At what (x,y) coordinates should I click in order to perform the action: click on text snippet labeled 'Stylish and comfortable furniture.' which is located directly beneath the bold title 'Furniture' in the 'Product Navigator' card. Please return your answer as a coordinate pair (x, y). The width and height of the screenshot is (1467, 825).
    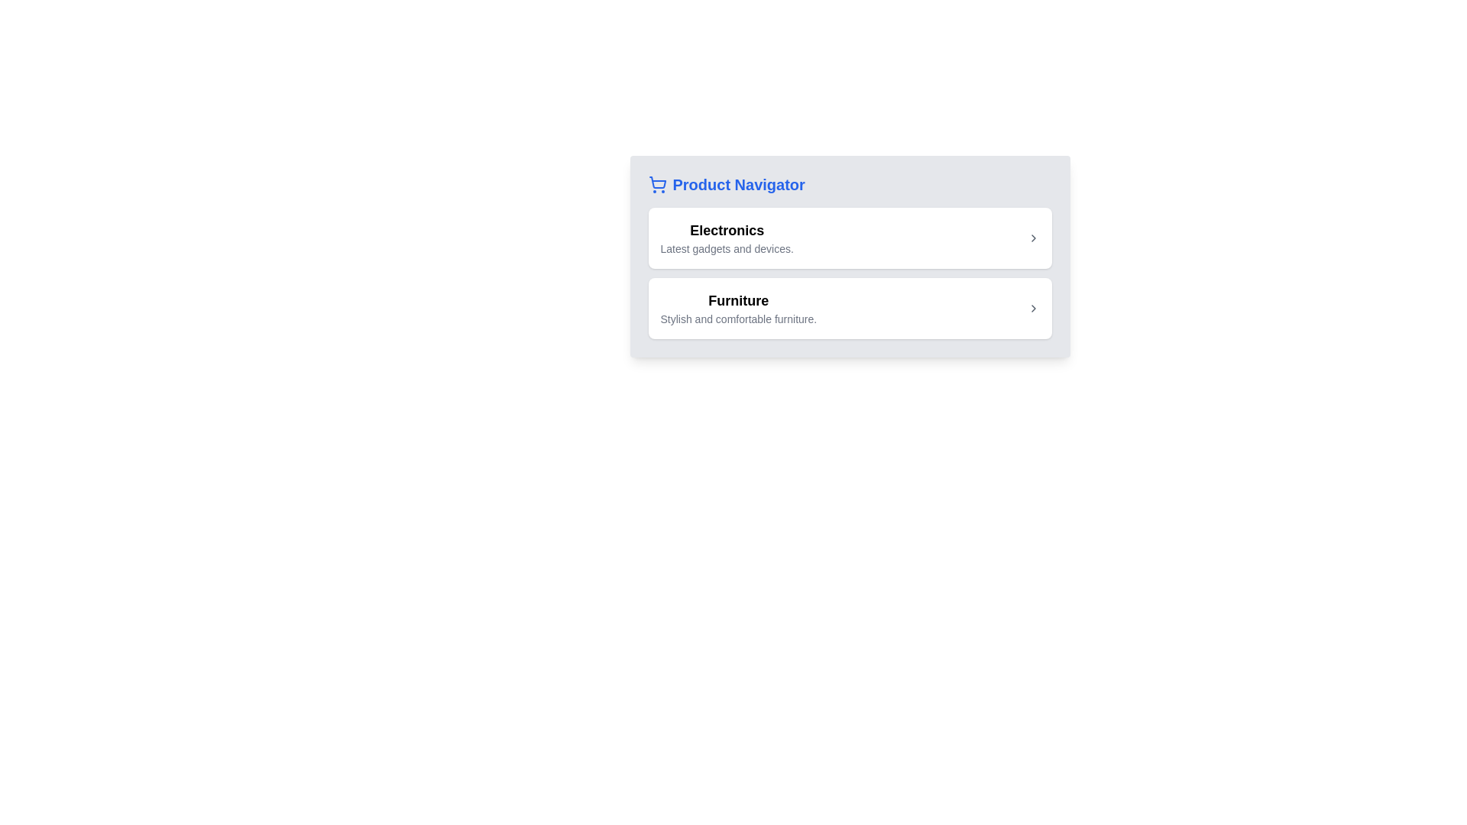
    Looking at the image, I should click on (738, 318).